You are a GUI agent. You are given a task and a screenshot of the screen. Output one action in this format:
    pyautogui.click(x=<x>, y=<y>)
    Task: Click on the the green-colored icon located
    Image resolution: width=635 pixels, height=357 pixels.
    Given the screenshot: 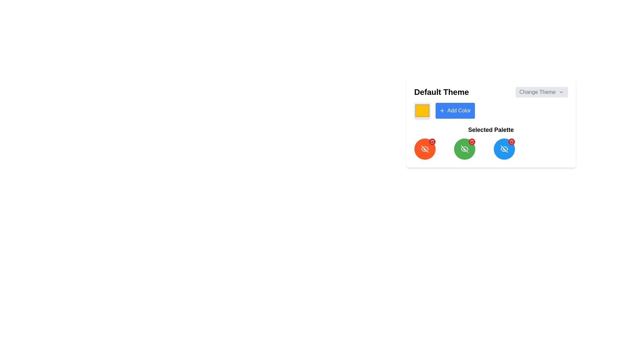 What is the action you would take?
    pyautogui.click(x=464, y=149)
    